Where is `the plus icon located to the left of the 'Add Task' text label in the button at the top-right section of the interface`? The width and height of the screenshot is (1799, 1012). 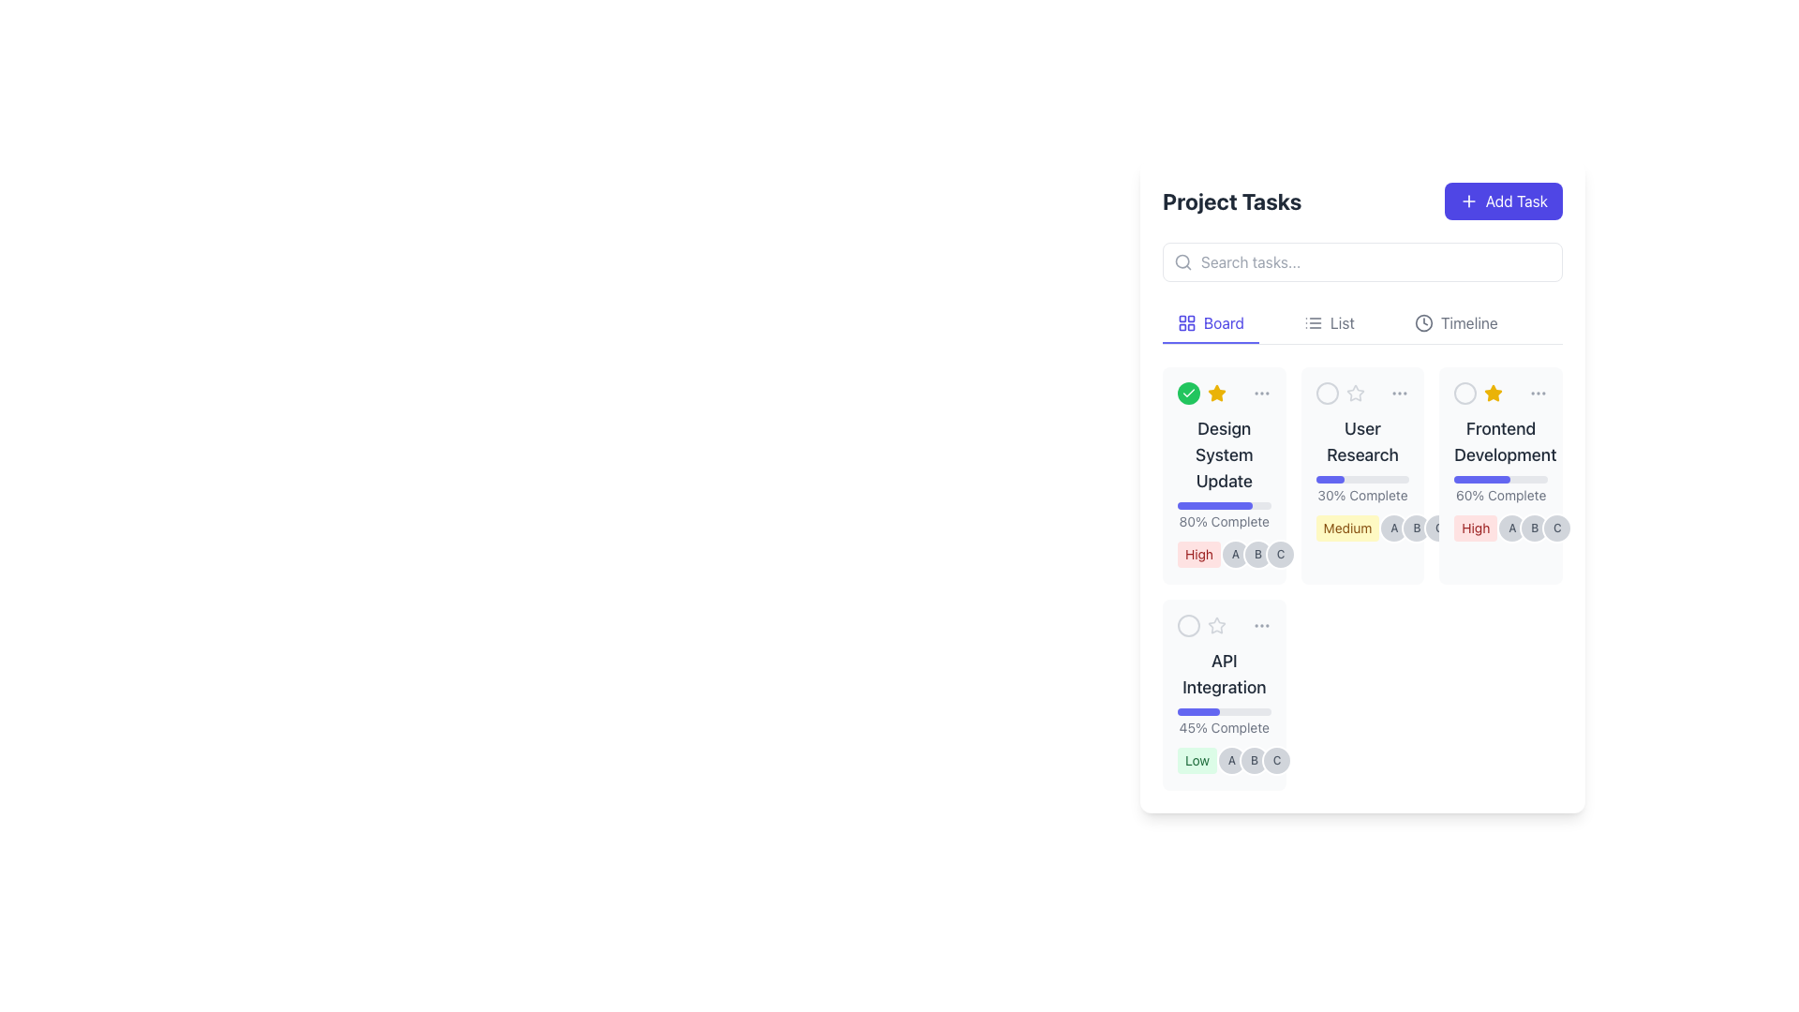 the plus icon located to the left of the 'Add Task' text label in the button at the top-right section of the interface is located at coordinates (1467, 201).